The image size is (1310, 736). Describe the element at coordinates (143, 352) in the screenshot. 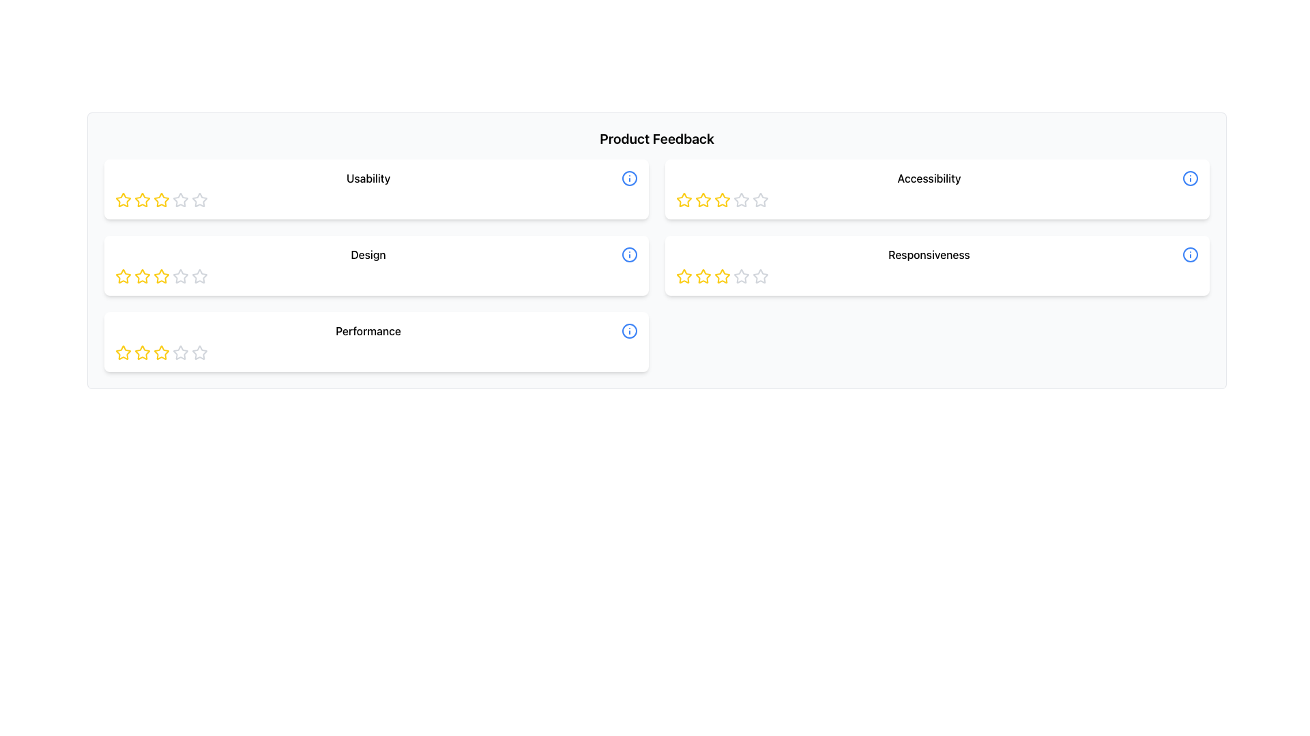

I see `the third star in the 'Performance' category rating section` at that location.